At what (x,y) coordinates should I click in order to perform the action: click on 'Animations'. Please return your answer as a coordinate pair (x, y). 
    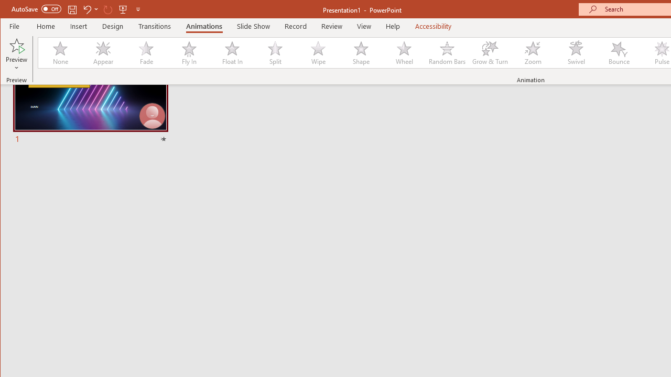
    Looking at the image, I should click on (204, 26).